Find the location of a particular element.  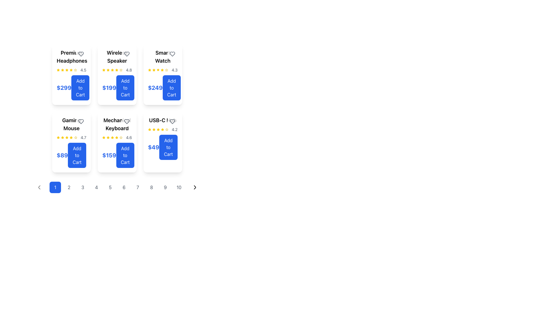

the sixth yellow star icon representing the product rating in the 'USB-C Hub' product card, located in the second row and third column is located at coordinates (162, 129).